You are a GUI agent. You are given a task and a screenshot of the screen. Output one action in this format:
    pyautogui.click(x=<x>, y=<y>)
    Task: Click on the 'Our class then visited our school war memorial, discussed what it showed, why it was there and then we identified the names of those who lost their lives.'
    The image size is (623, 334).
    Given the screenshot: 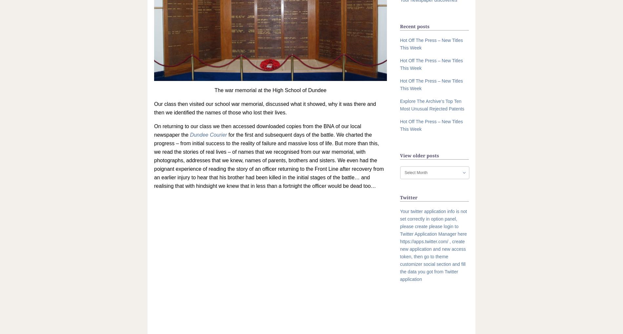 What is the action you would take?
    pyautogui.click(x=154, y=108)
    